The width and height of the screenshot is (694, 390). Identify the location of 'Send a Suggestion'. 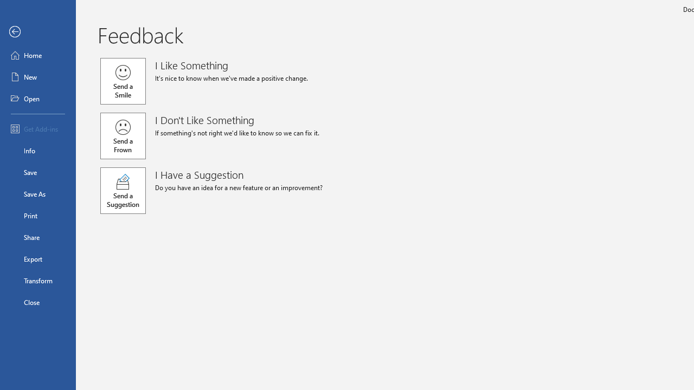
(123, 190).